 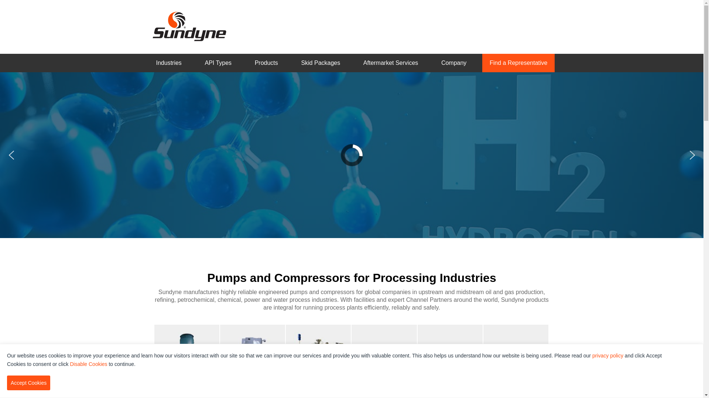 I want to click on 'Aftermarket Services', so click(x=390, y=63).